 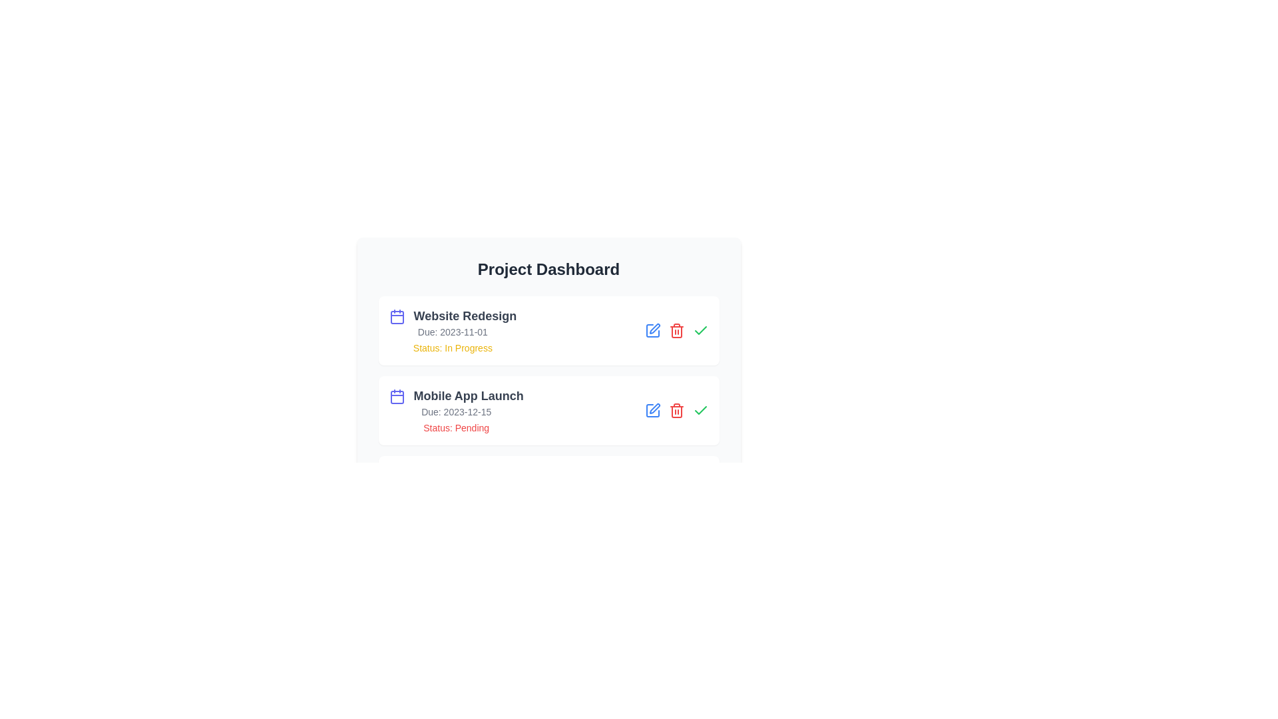 I want to click on the project Website Redesign by clicking its associated delete button, so click(x=676, y=330).